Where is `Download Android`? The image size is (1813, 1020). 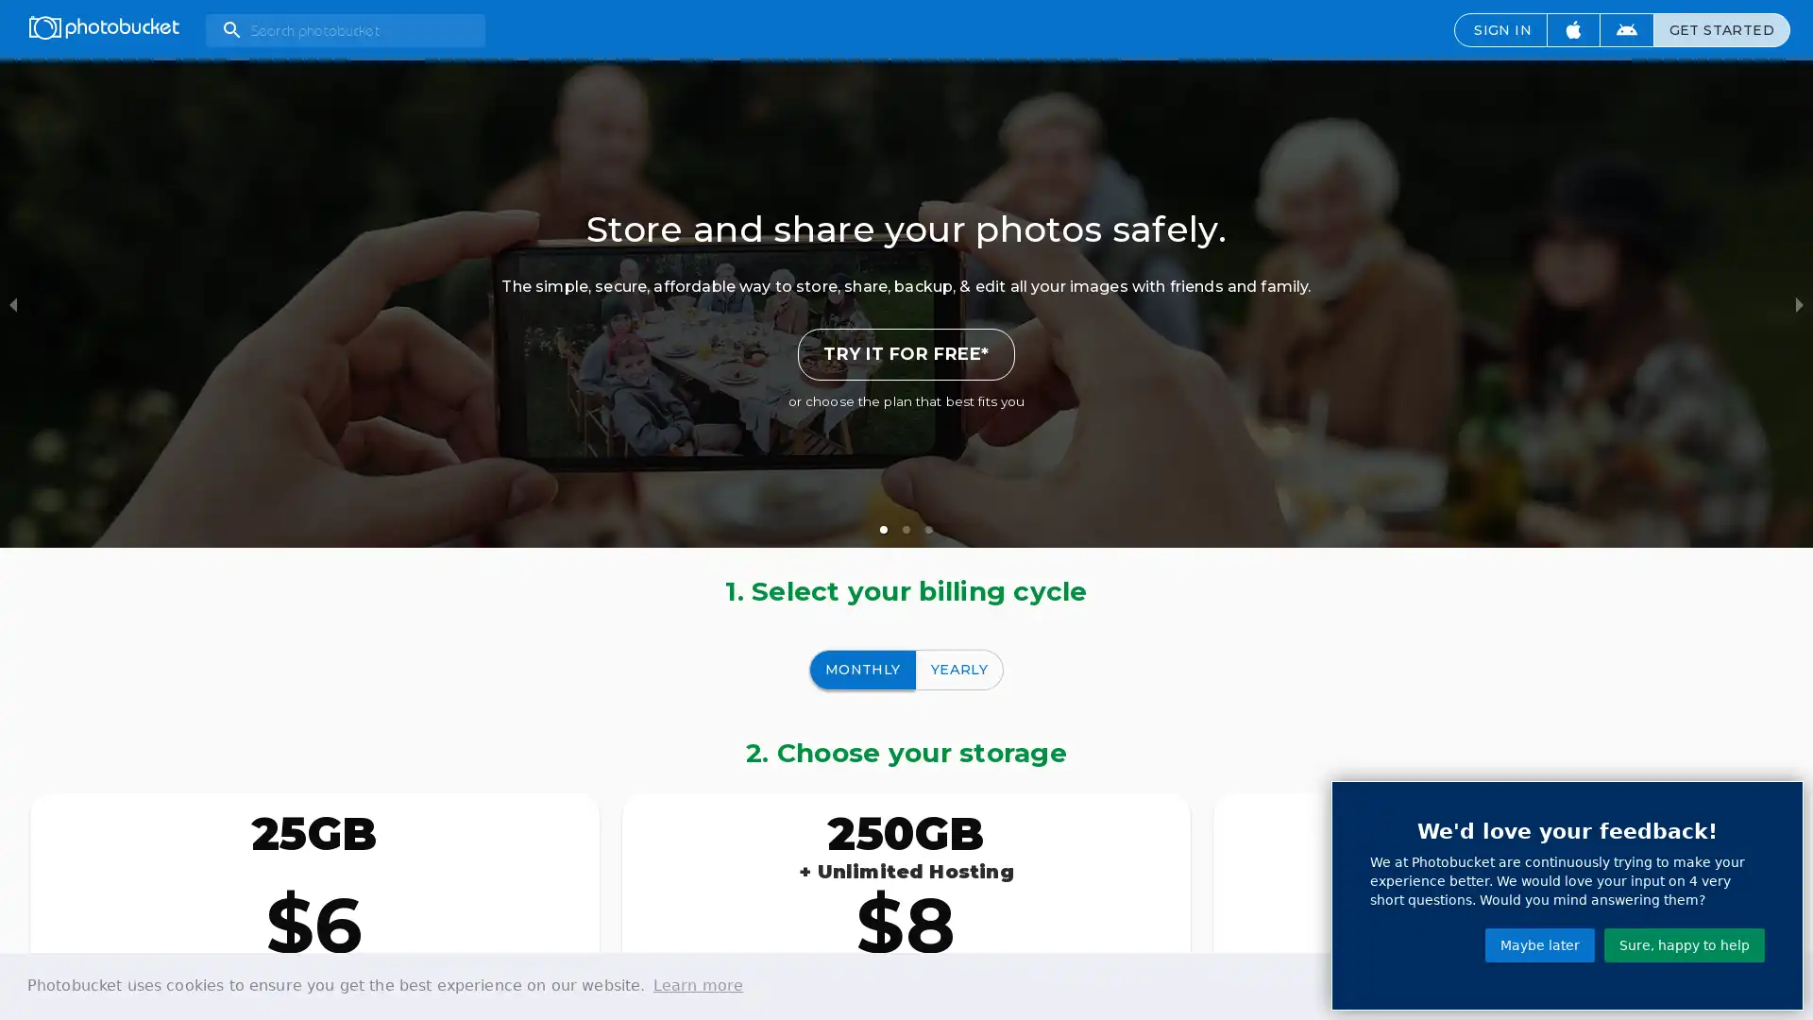 Download Android is located at coordinates (1625, 29).